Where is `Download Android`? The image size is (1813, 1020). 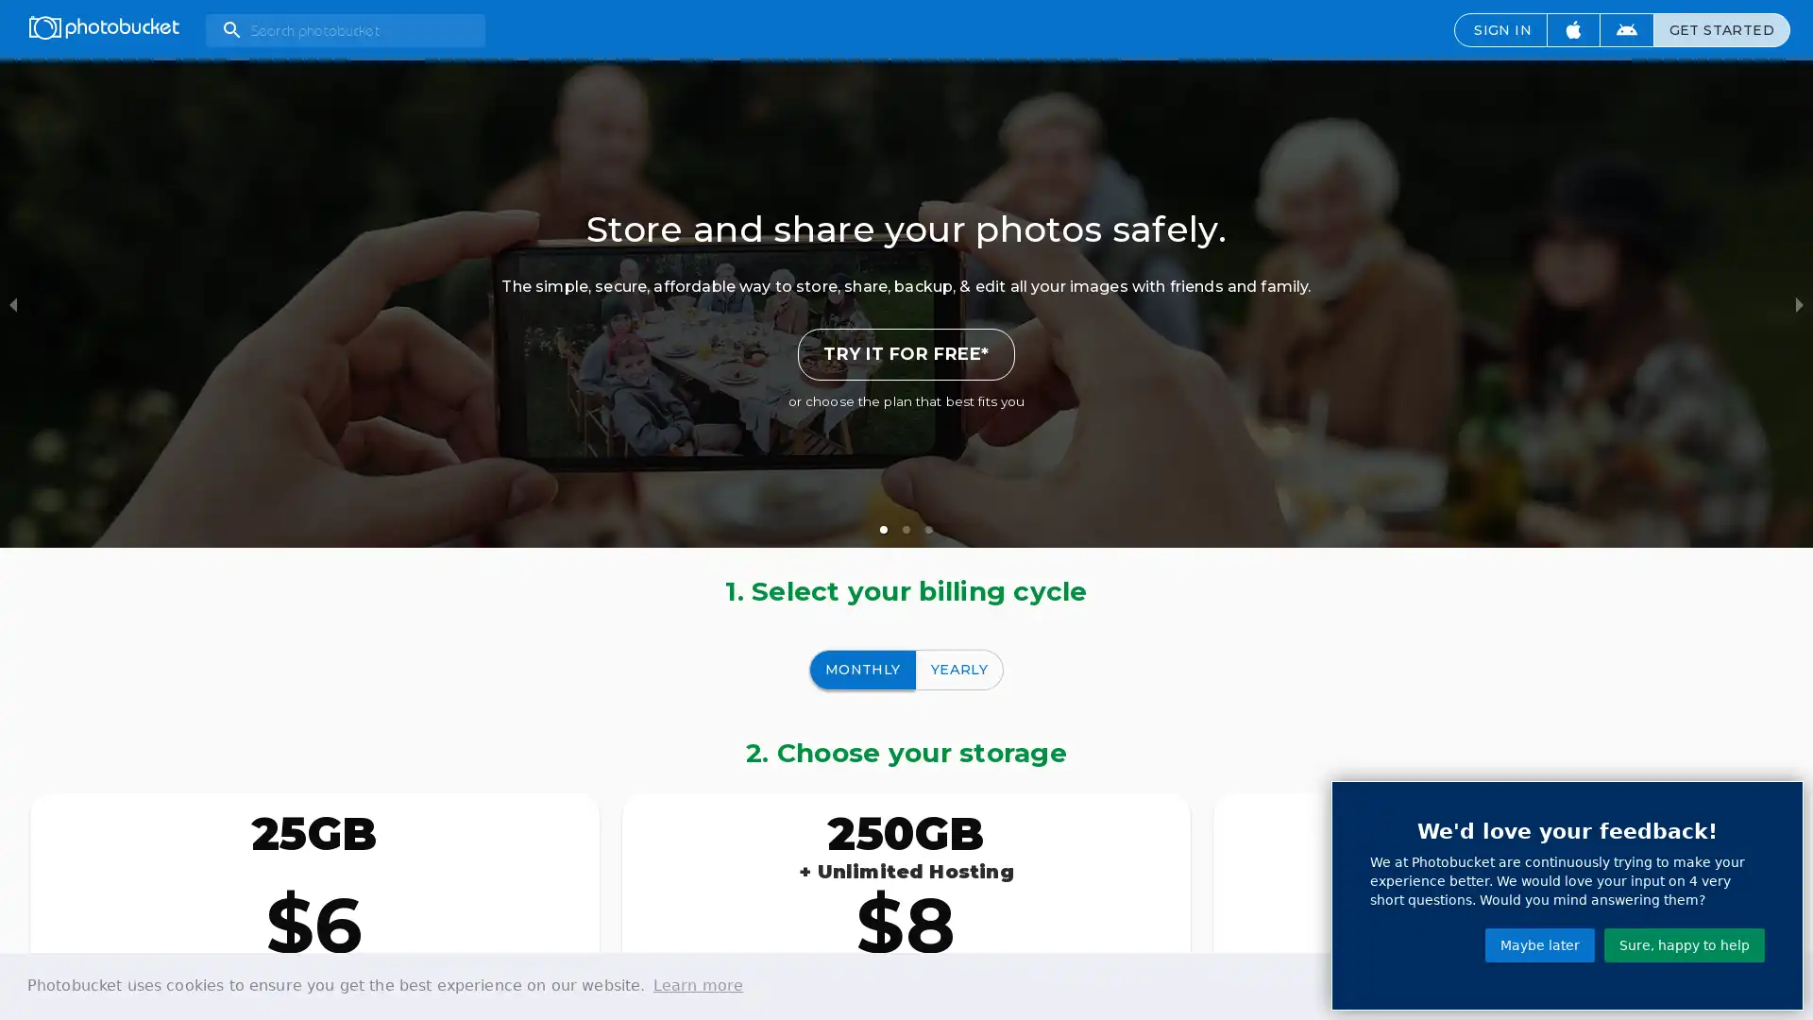 Download Android is located at coordinates (1625, 29).